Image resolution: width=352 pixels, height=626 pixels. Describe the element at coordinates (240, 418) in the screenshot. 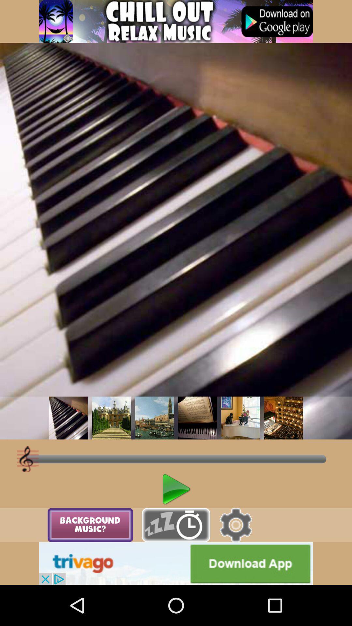

I see `change piano option` at that location.